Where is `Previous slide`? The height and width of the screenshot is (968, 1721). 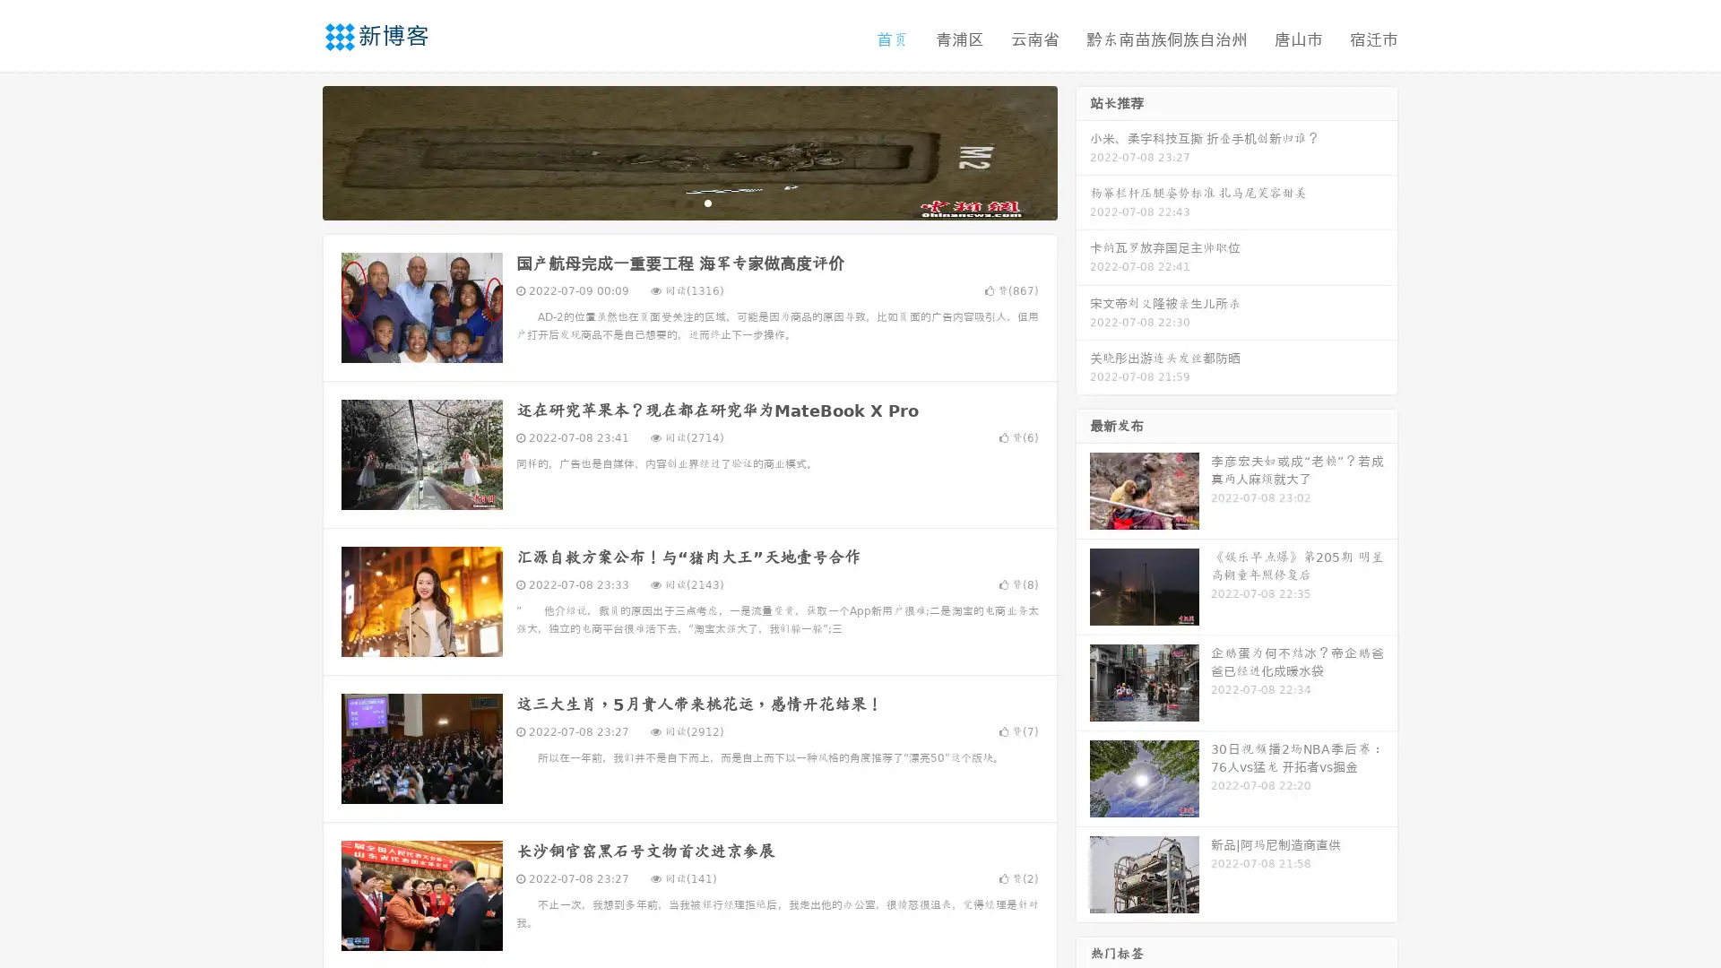 Previous slide is located at coordinates (296, 151).